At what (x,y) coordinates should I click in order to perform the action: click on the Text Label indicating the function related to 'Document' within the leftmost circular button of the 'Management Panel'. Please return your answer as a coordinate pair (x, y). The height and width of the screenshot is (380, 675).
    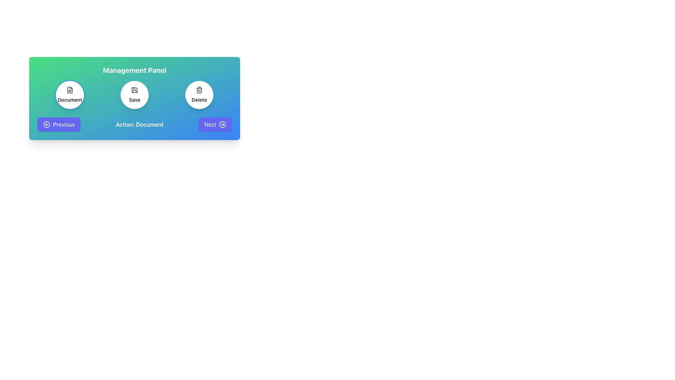
    Looking at the image, I should click on (70, 100).